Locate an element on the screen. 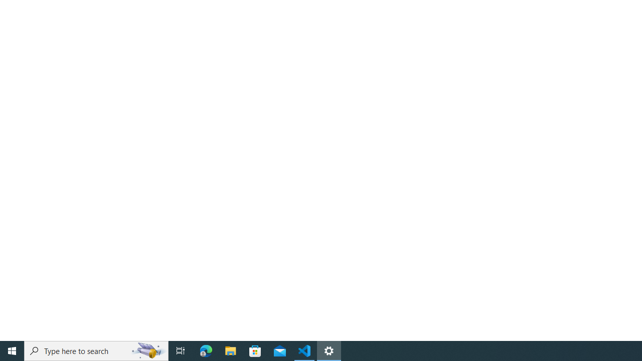  'Visual Studio Code - 1 running window' is located at coordinates (304, 350).